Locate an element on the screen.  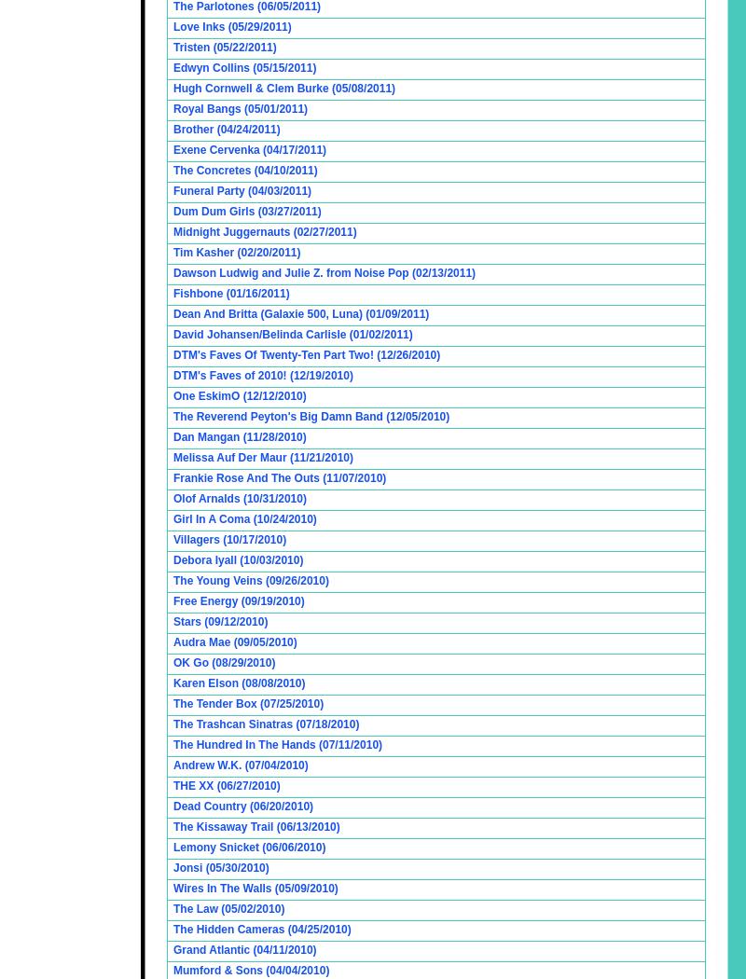
'Dead Country (06/20/2010)' is located at coordinates (242, 805).